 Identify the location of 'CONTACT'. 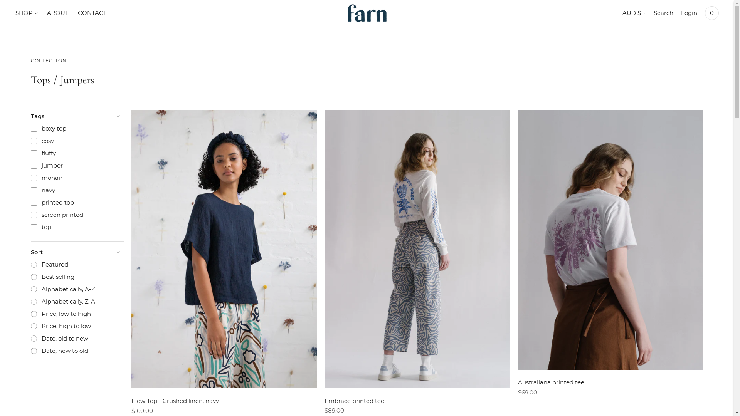
(92, 13).